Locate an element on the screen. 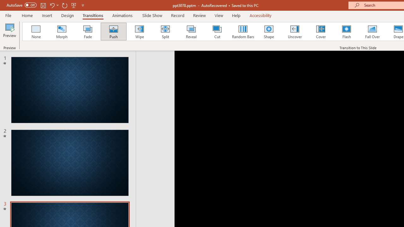 The height and width of the screenshot is (227, 404). 'Uncover' is located at coordinates (294, 32).